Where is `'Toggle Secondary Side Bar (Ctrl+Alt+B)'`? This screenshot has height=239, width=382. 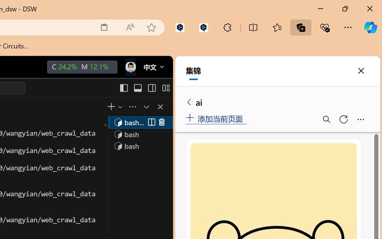
'Toggle Secondary Side Bar (Ctrl+Alt+B)' is located at coordinates (151, 88).